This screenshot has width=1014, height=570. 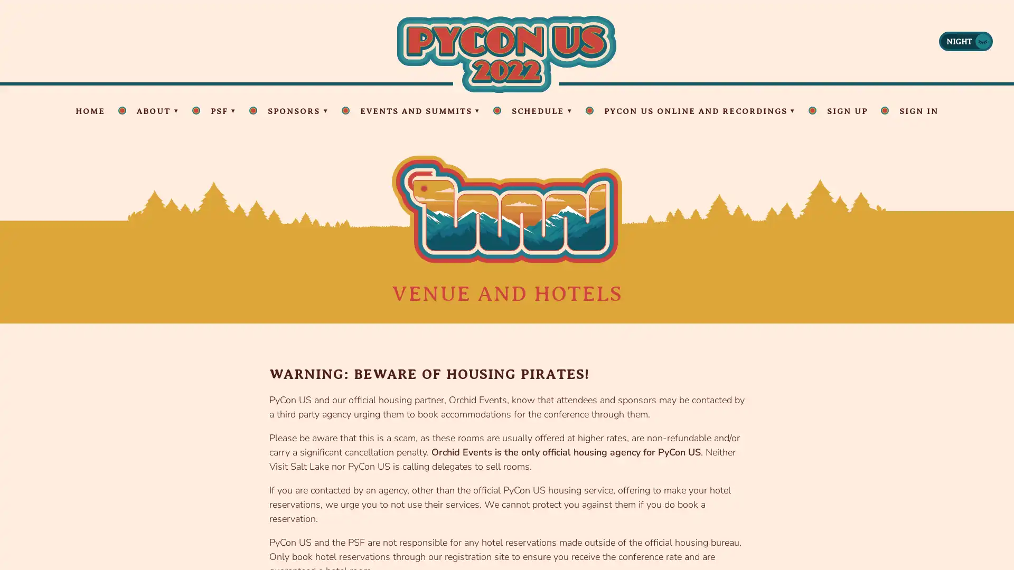 I want to click on NIGHT, so click(x=965, y=40).